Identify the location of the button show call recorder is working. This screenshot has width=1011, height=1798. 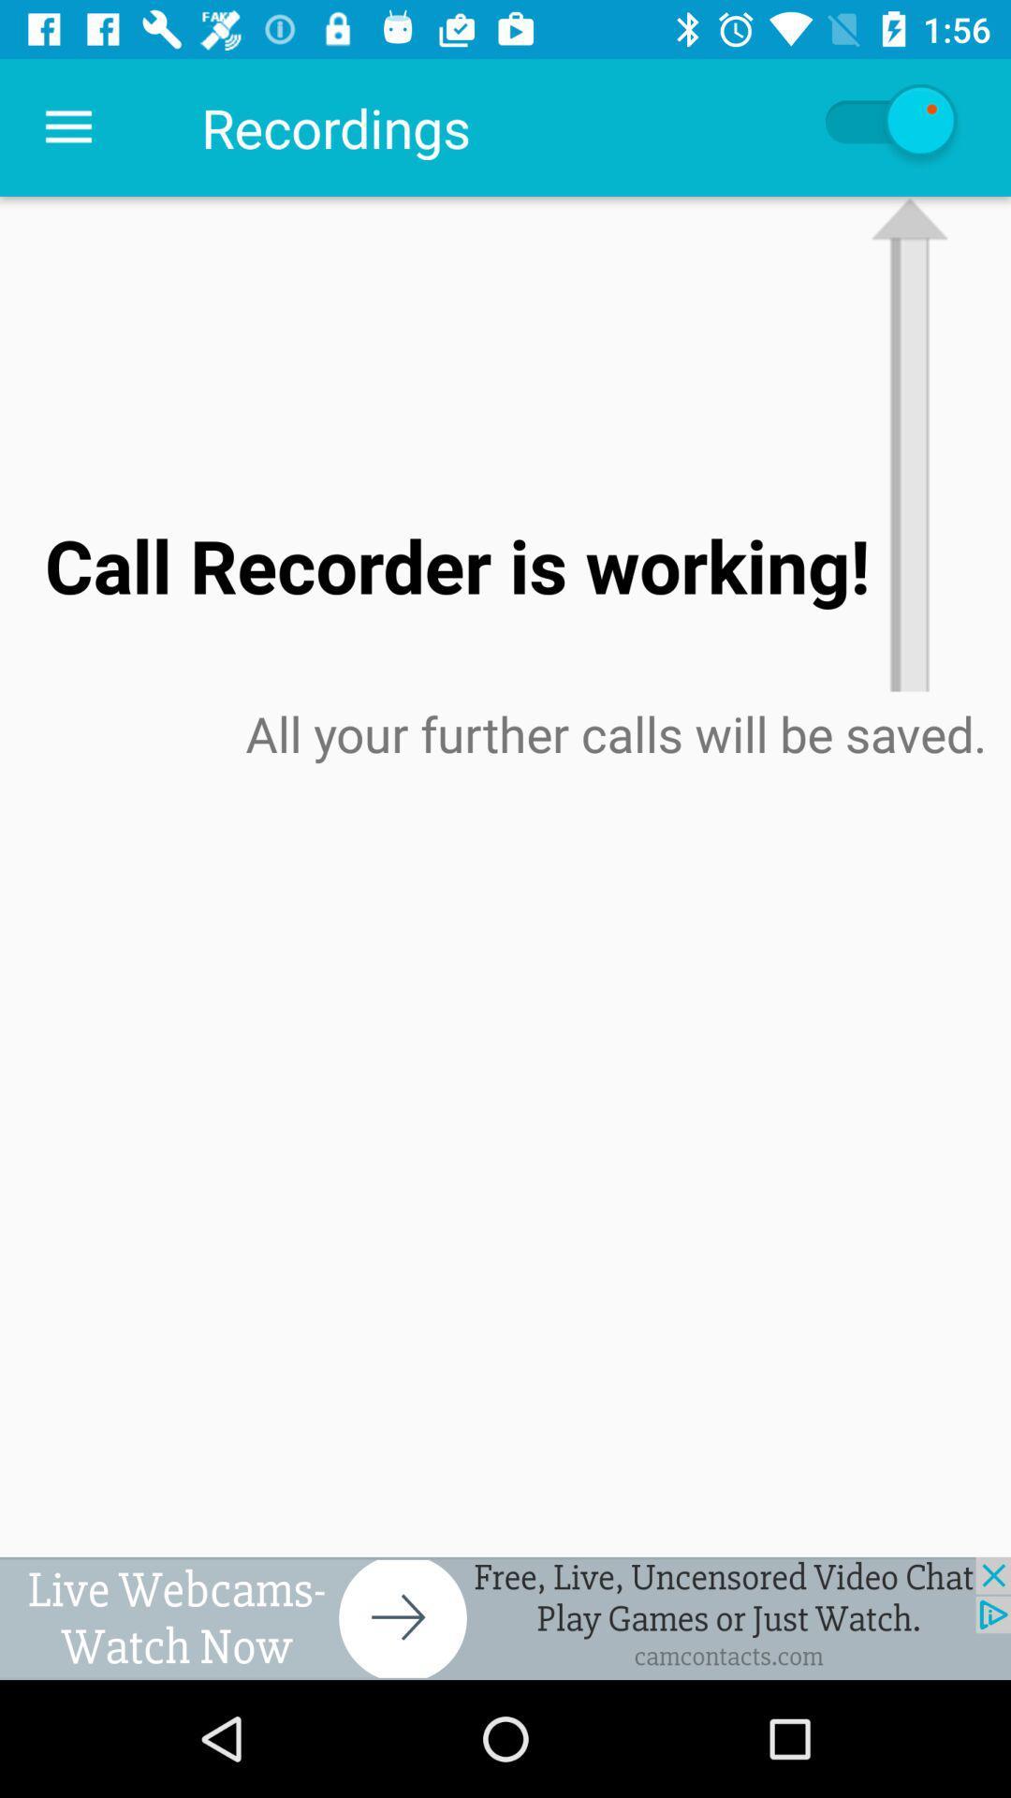
(887, 126).